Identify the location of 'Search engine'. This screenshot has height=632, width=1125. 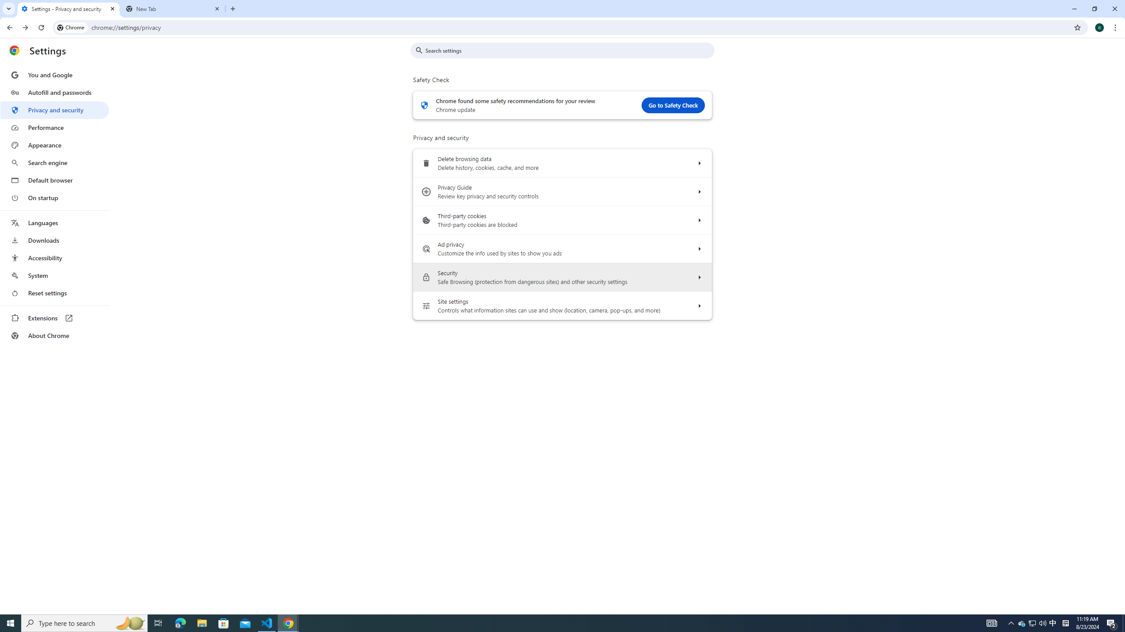
(54, 163).